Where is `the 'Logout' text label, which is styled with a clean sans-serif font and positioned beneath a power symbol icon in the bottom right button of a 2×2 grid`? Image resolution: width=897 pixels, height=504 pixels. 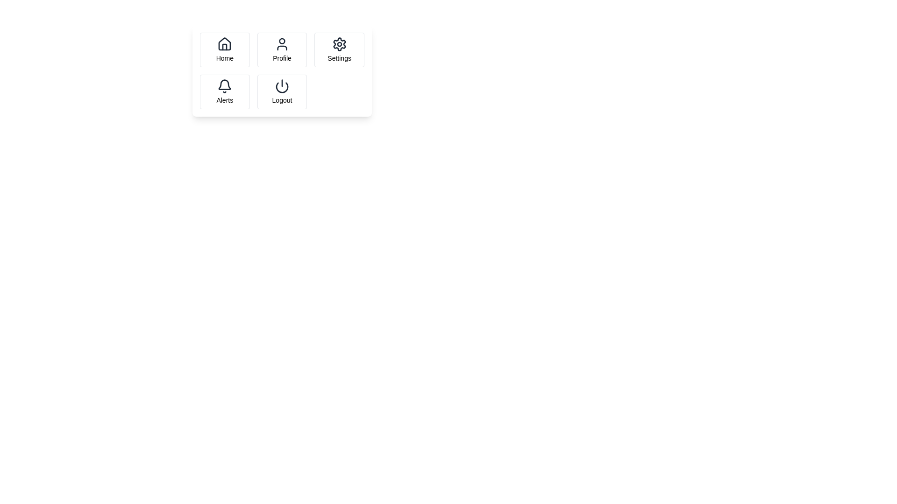
the 'Logout' text label, which is styled with a clean sans-serif font and positioned beneath a power symbol icon in the bottom right button of a 2×2 grid is located at coordinates (282, 100).